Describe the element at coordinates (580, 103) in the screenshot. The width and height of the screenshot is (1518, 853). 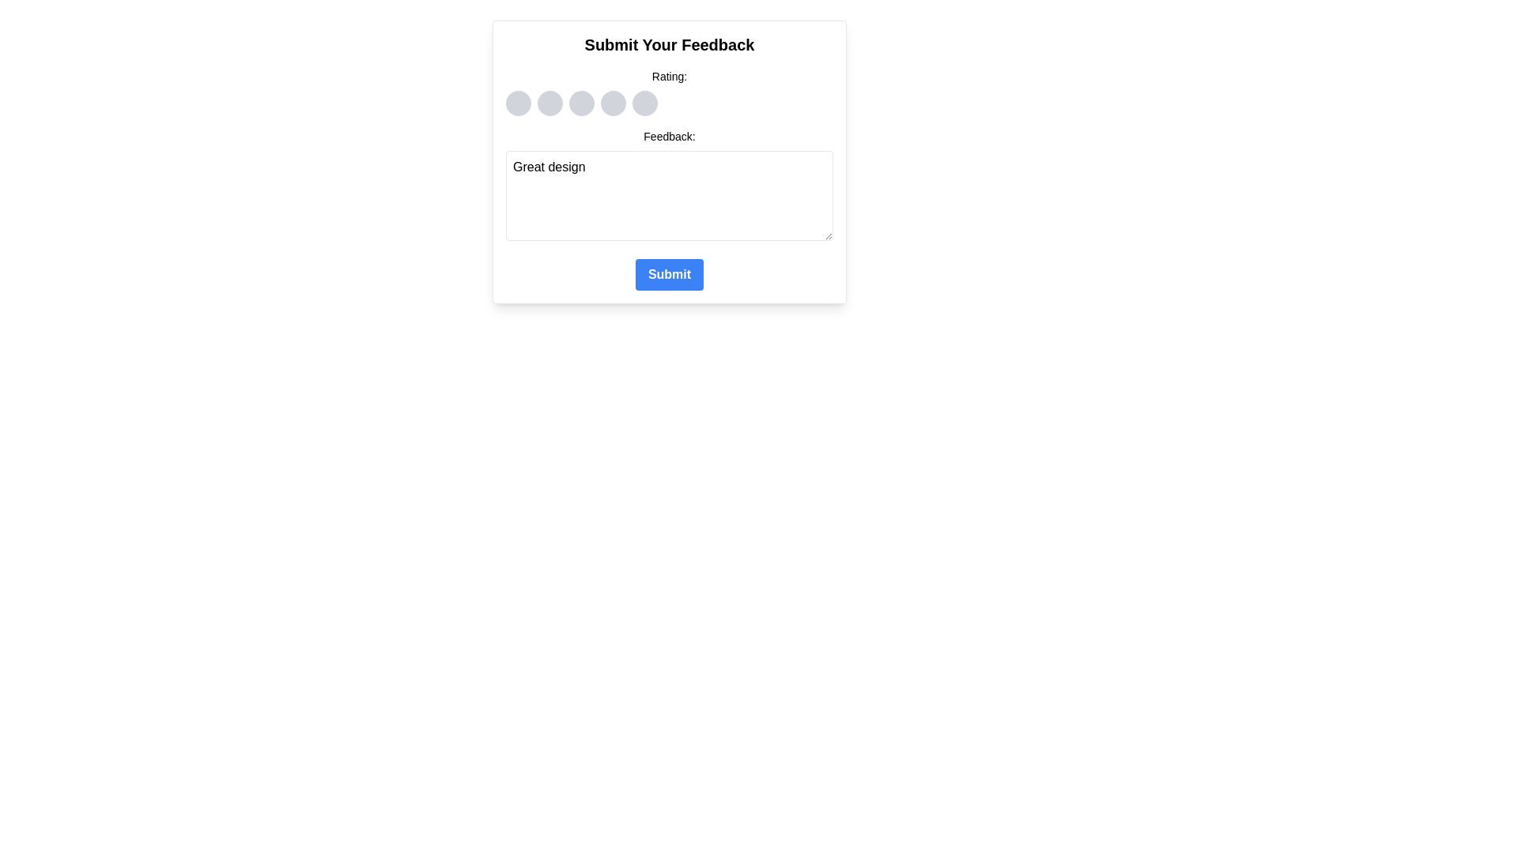
I see `the circular button, which is the third in a row of five gray circles under the 'Rating:' text` at that location.